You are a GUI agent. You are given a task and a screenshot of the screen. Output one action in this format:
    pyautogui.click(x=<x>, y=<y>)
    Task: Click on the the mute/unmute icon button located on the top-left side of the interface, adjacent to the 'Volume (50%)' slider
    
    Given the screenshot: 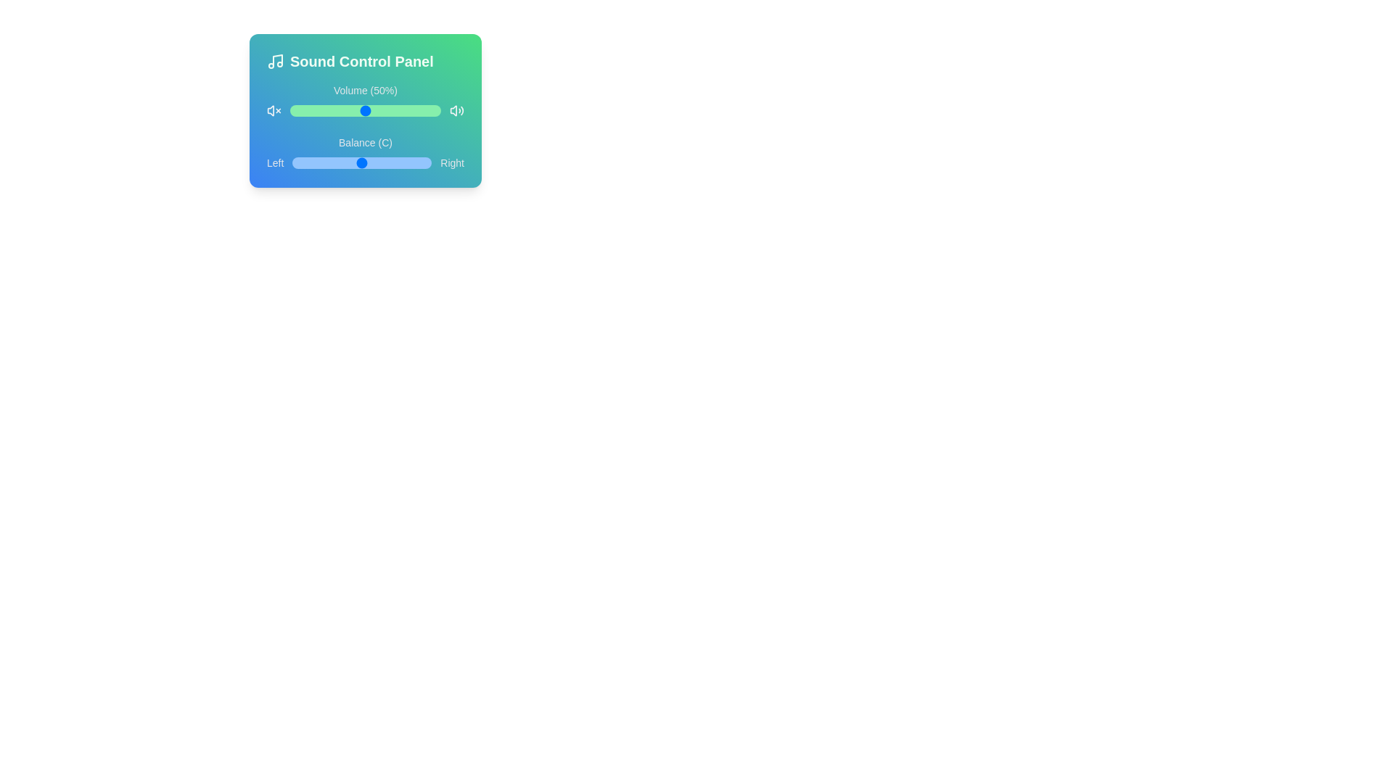 What is the action you would take?
    pyautogui.click(x=271, y=110)
    